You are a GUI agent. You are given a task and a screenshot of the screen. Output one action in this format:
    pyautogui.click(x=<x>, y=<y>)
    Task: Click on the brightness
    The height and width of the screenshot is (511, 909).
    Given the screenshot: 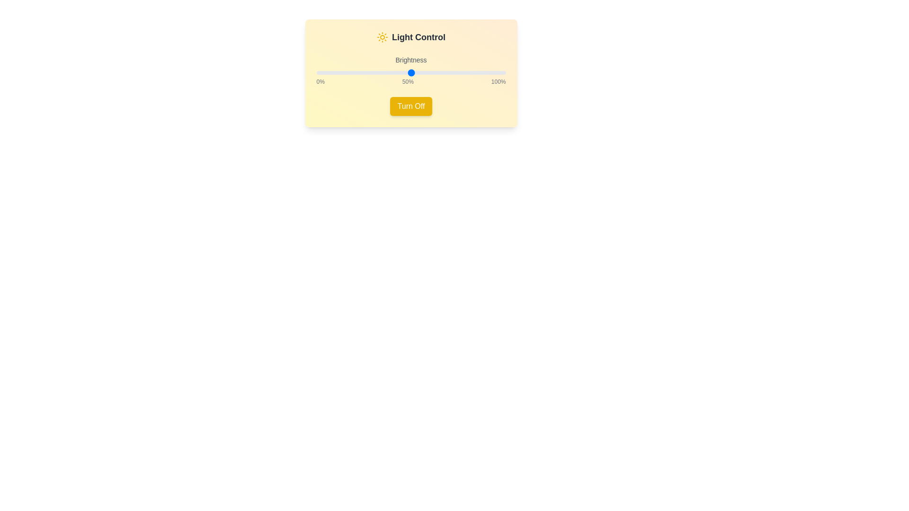 What is the action you would take?
    pyautogui.click(x=374, y=72)
    